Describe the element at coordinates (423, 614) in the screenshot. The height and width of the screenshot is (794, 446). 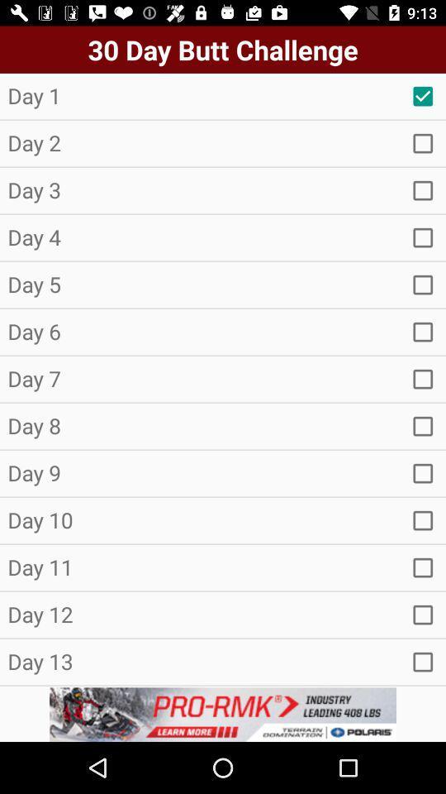
I see `check box selection` at that location.